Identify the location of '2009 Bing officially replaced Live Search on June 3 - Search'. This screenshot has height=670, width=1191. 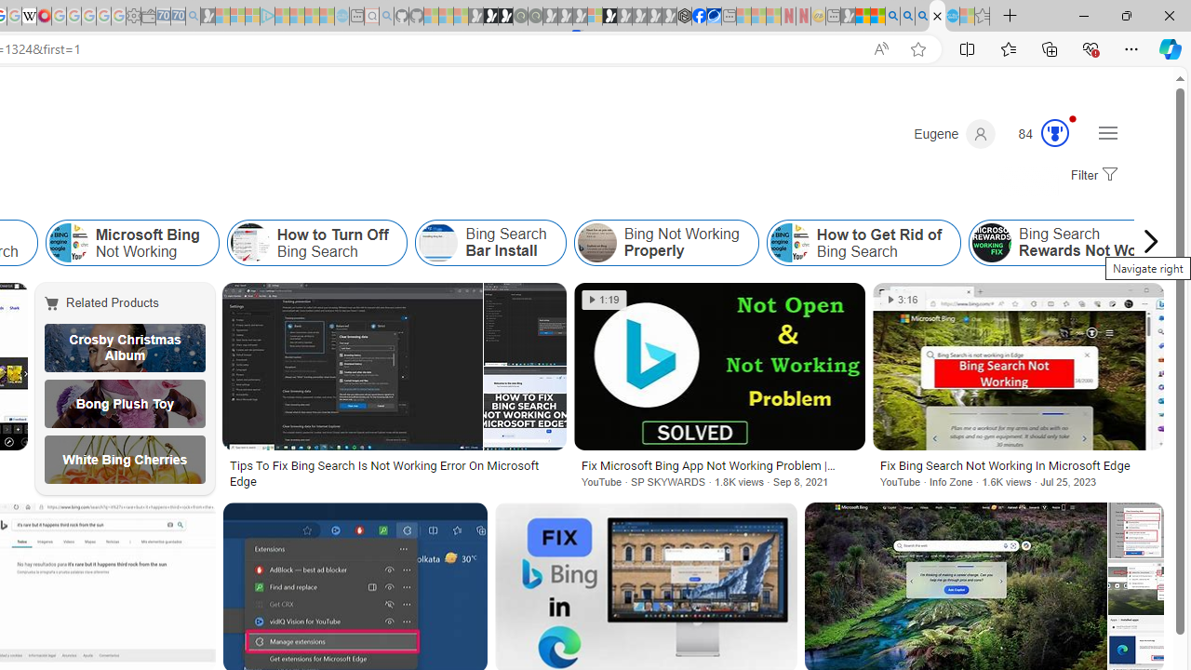
(907, 16).